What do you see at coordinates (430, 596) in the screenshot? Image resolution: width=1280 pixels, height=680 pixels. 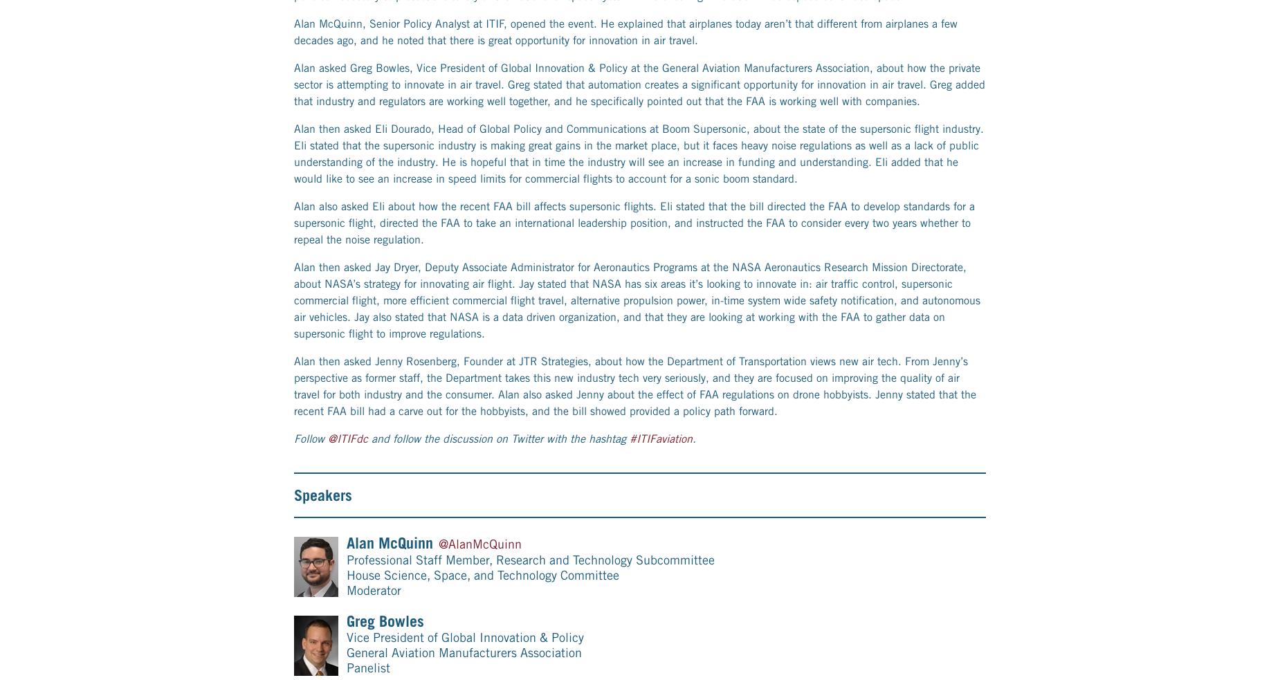 I see `'700 K Street NW, Suite 600'` at bounding box center [430, 596].